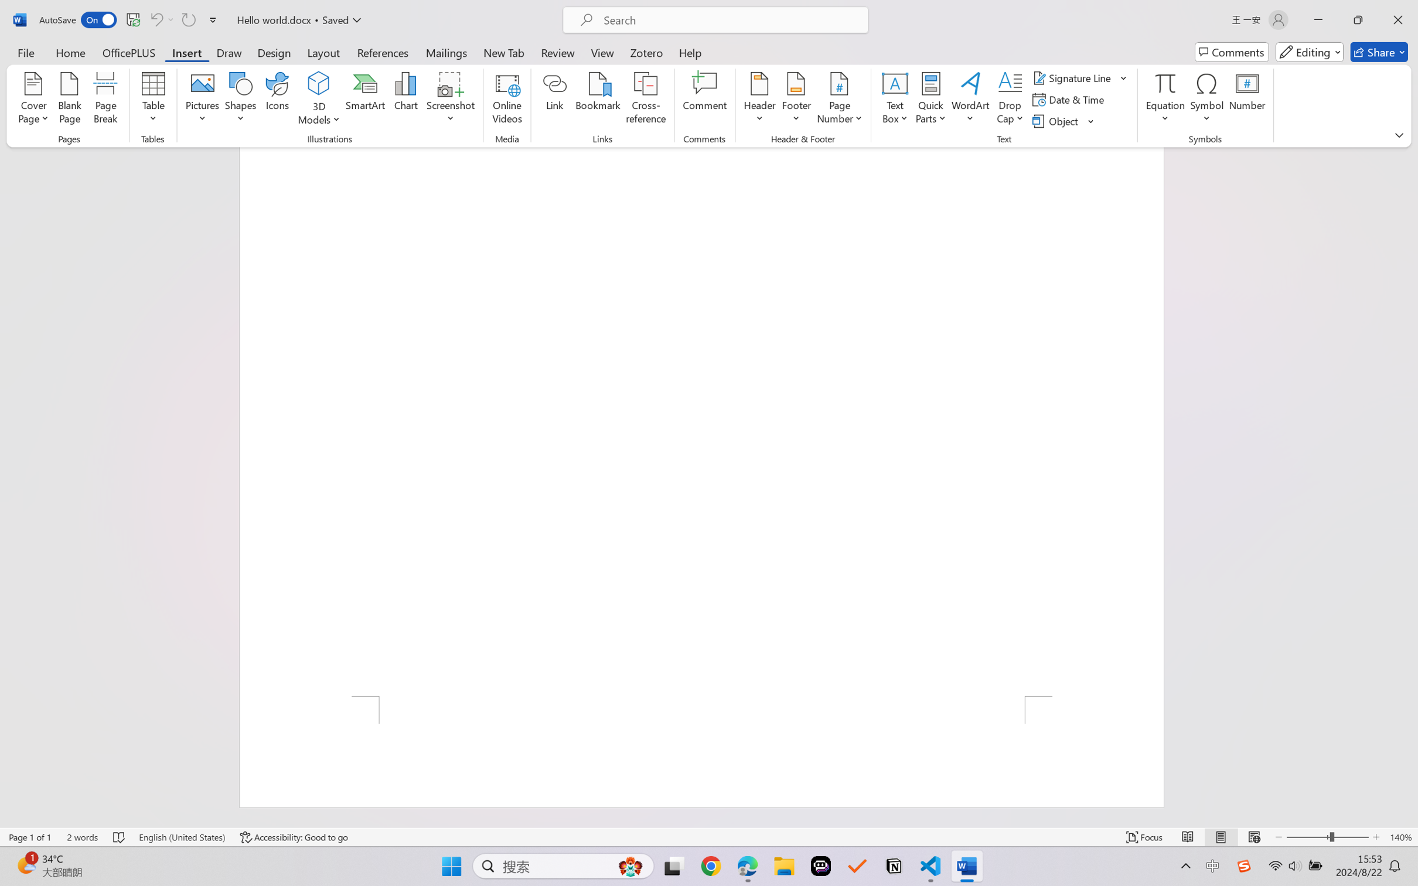 This screenshot has height=886, width=1418. Describe the element at coordinates (186, 52) in the screenshot. I see `'Insert'` at that location.